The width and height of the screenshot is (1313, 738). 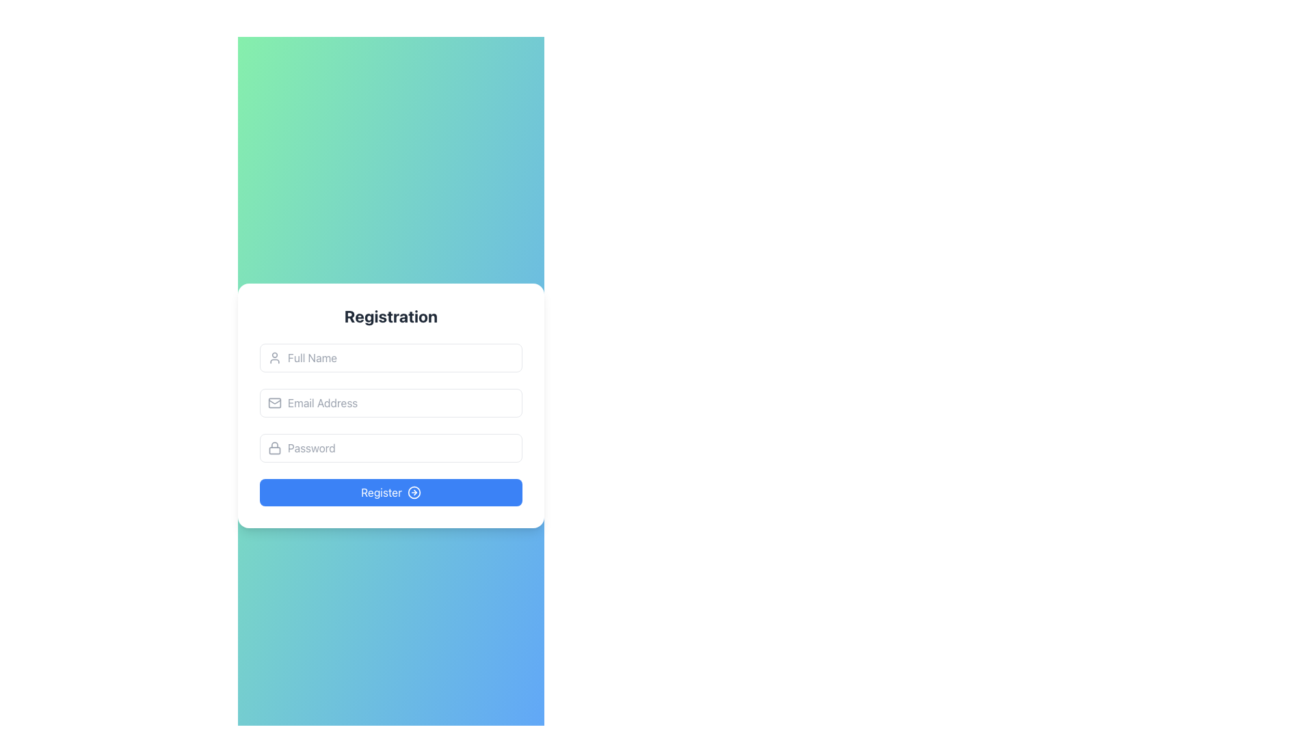 I want to click on the bottom segment of the lock icon representing security, which is located to the left of the 'Password' input field, so click(x=274, y=450).